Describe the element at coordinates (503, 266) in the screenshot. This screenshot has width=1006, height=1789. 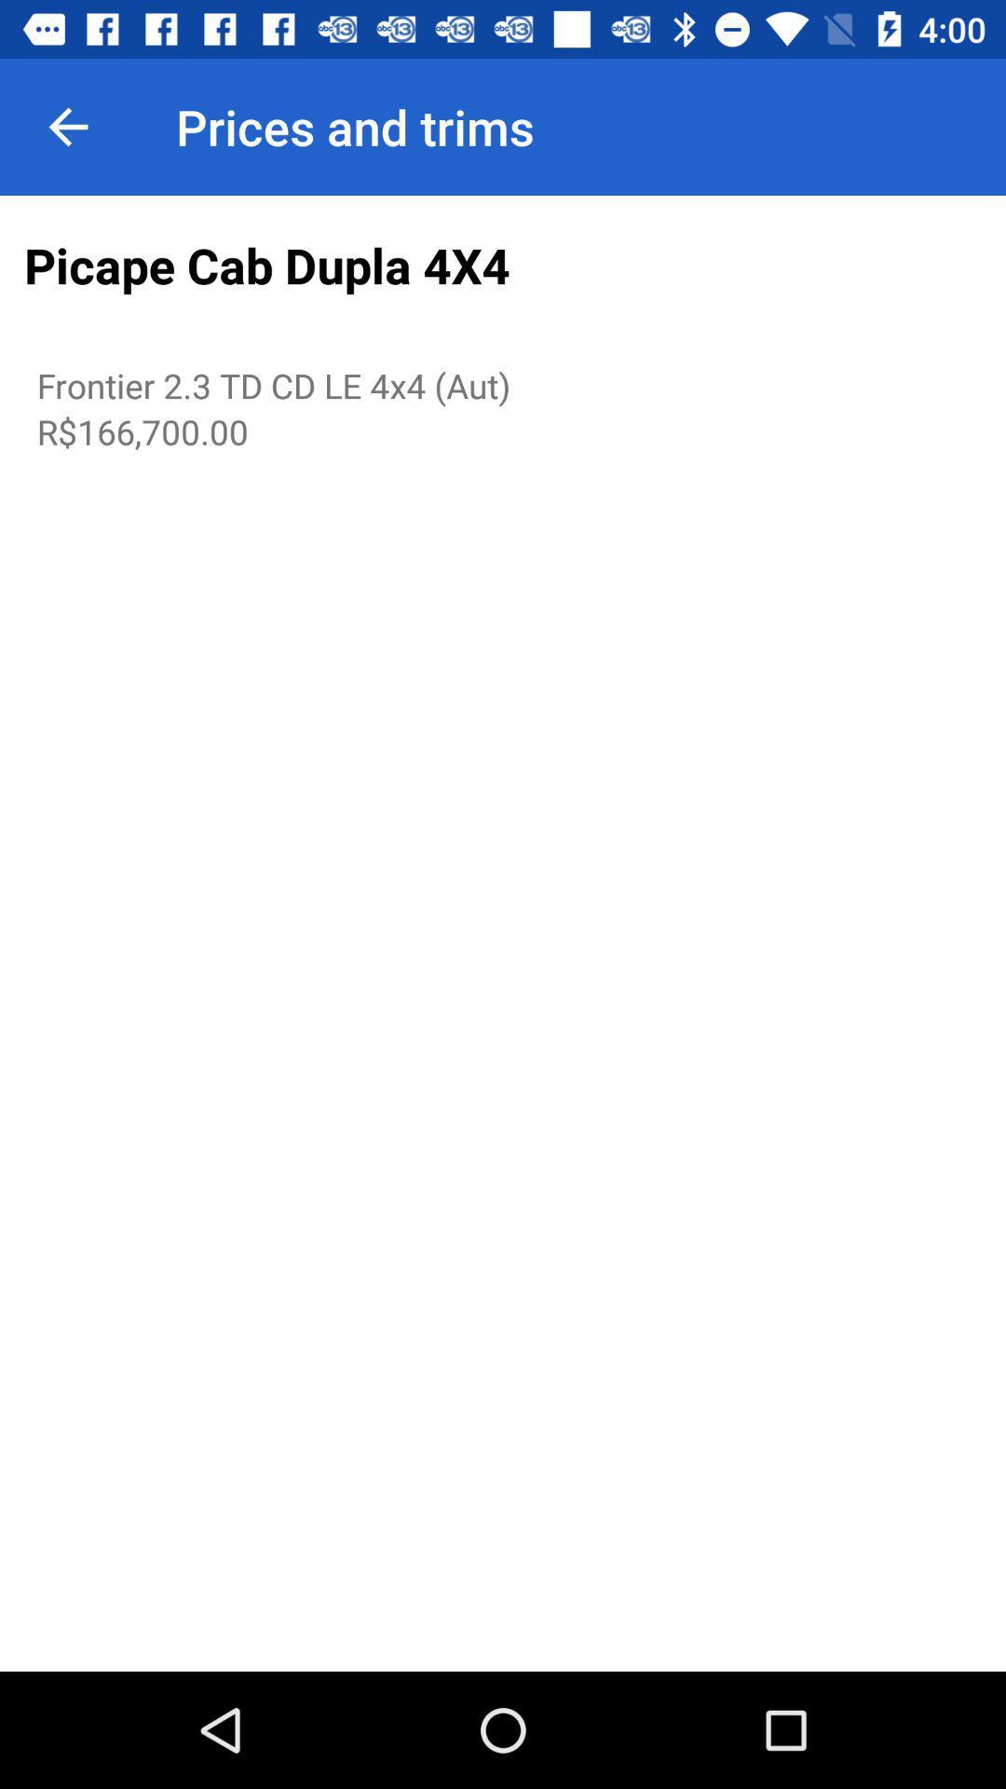
I see `the picape cab dupla icon` at that location.